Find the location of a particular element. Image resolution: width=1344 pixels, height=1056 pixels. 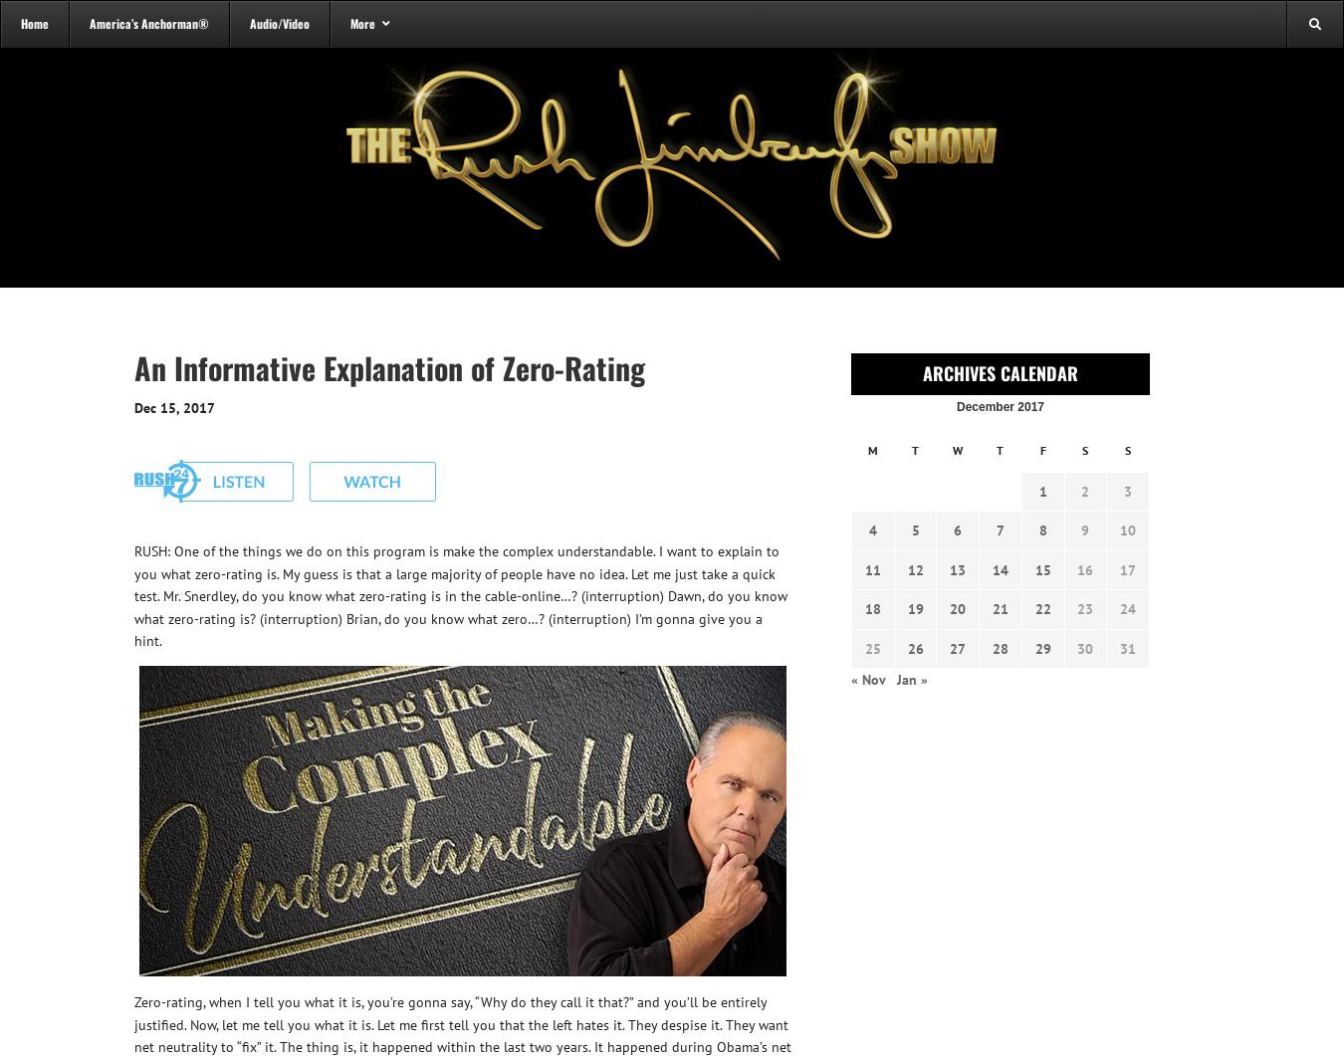

'24' is located at coordinates (1127, 607).